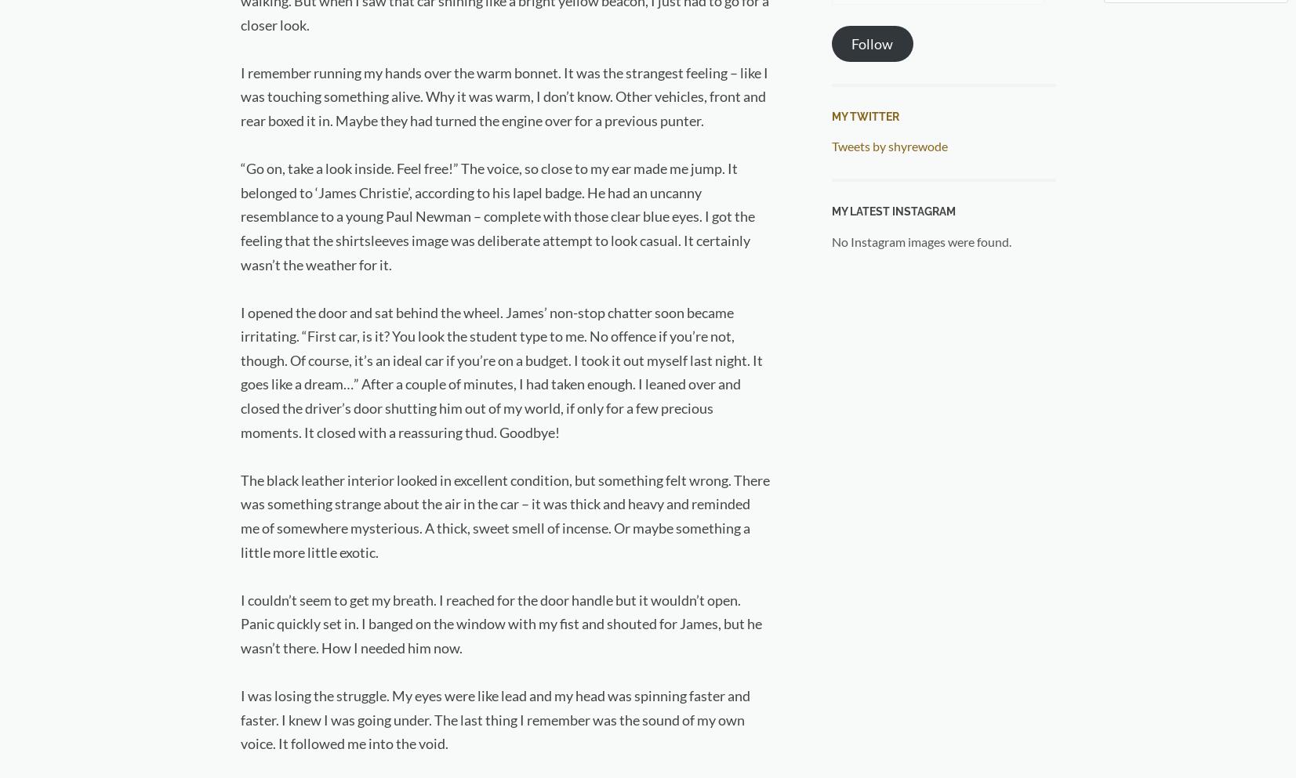 This screenshot has width=1296, height=778. I want to click on 'Tweets by shyrewode', so click(888, 145).